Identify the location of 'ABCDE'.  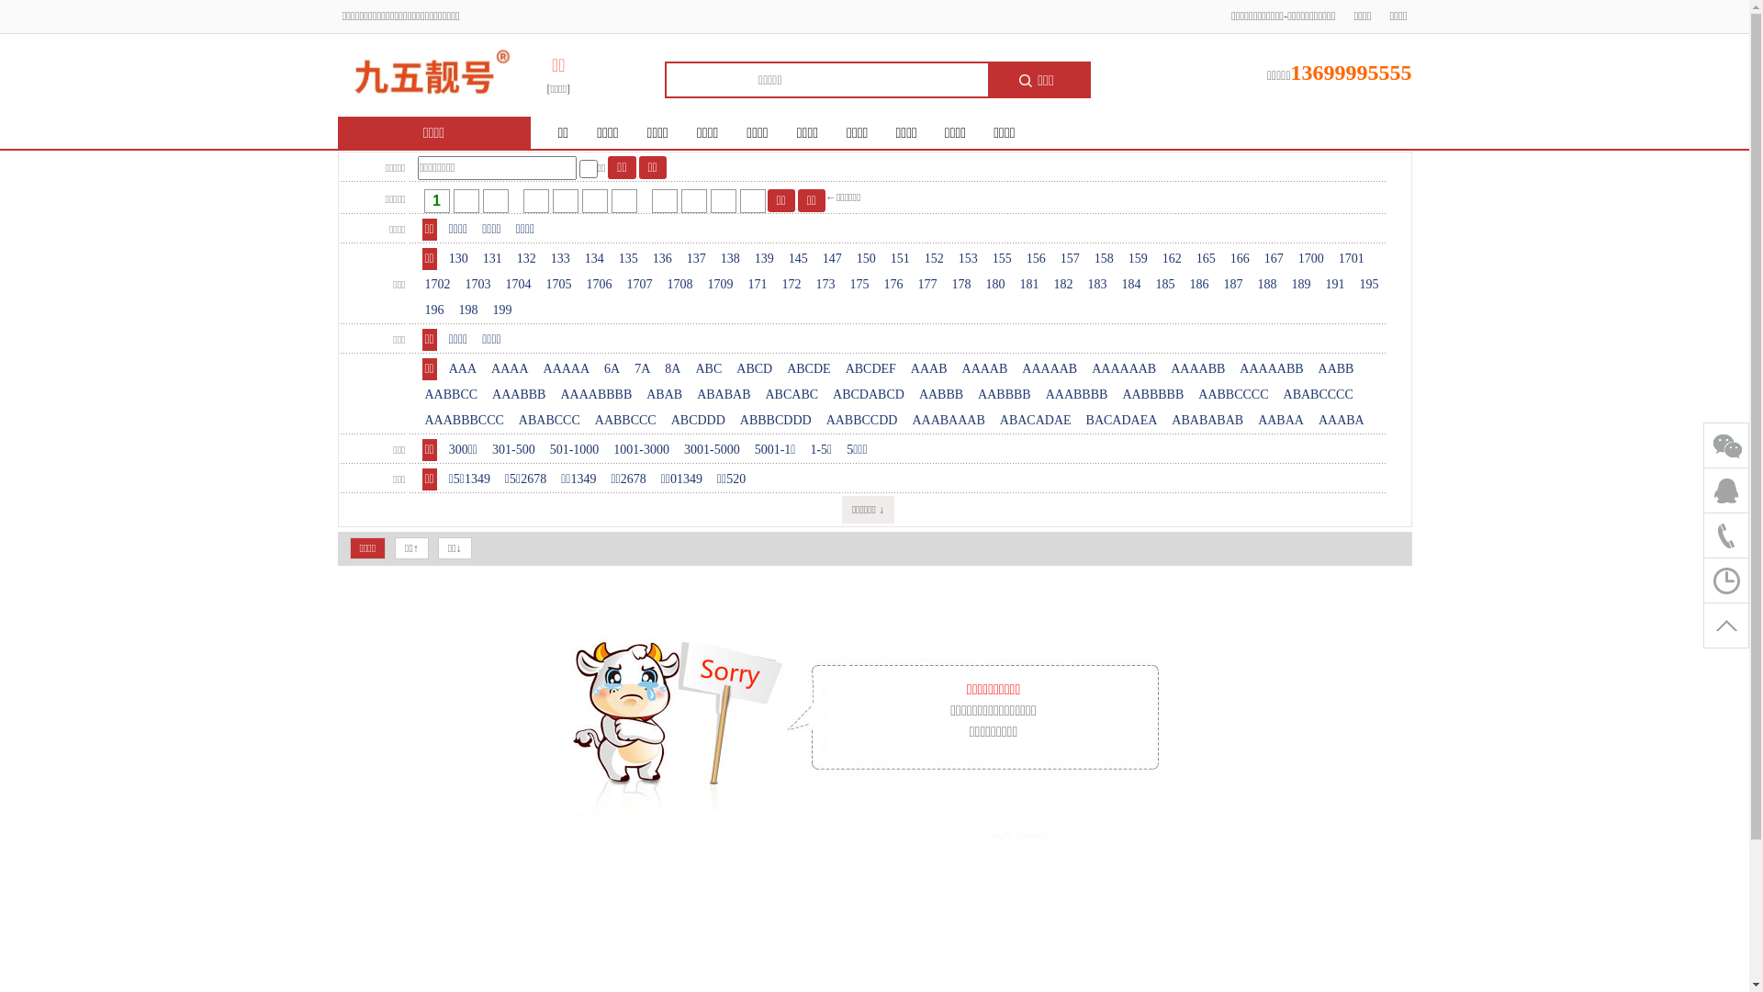
(808, 368).